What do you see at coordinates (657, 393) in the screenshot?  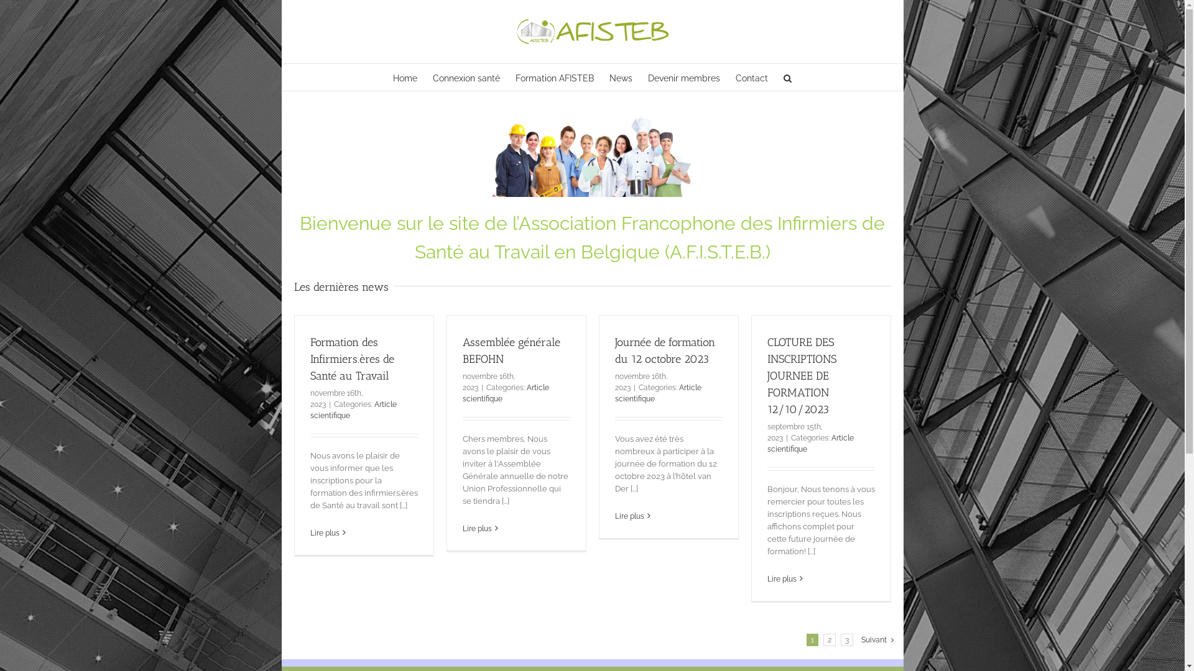 I see `'Article scientifique'` at bounding box center [657, 393].